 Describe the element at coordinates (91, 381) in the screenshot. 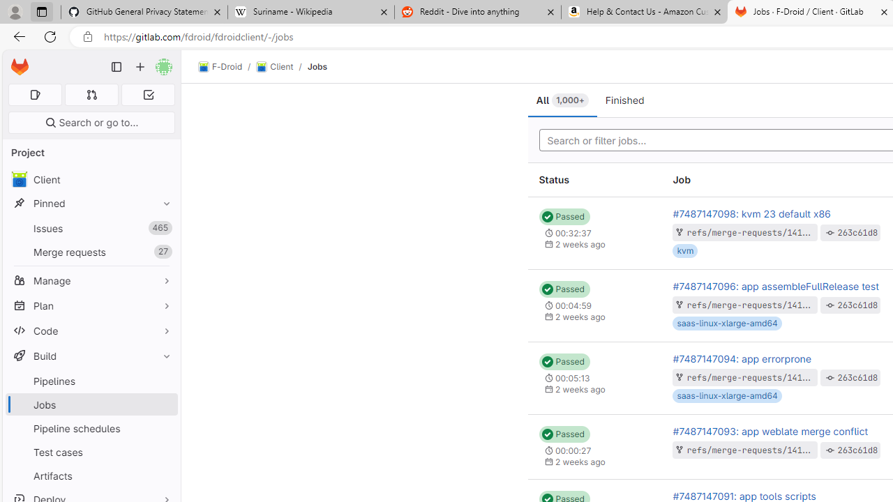

I see `'Pipelines'` at that location.